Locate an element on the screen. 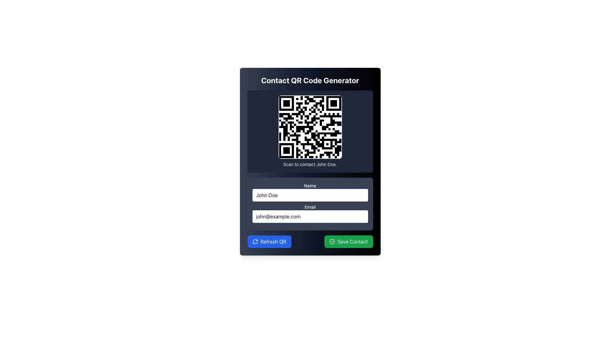 This screenshot has height=339, width=603. the prominent QR code image with a rounded rectangular border and gray outline is located at coordinates (310, 127).